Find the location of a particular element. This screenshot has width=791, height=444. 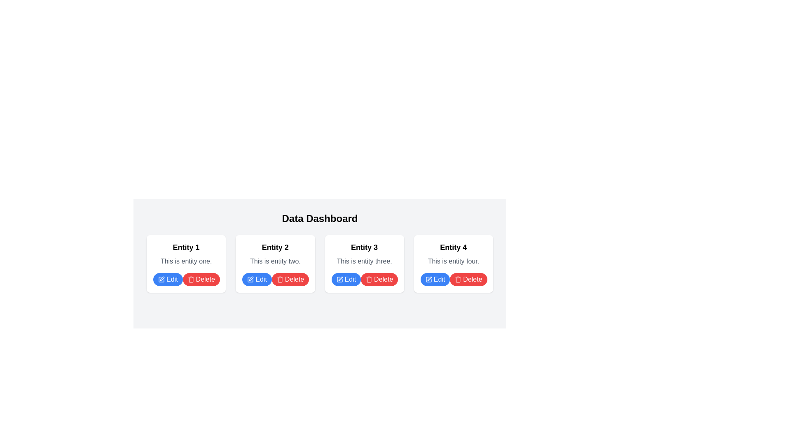

the text block titled 'Entity 3', which contains a description in smaller gray text, located within the third card of a dashboard layout is located at coordinates (364, 253).